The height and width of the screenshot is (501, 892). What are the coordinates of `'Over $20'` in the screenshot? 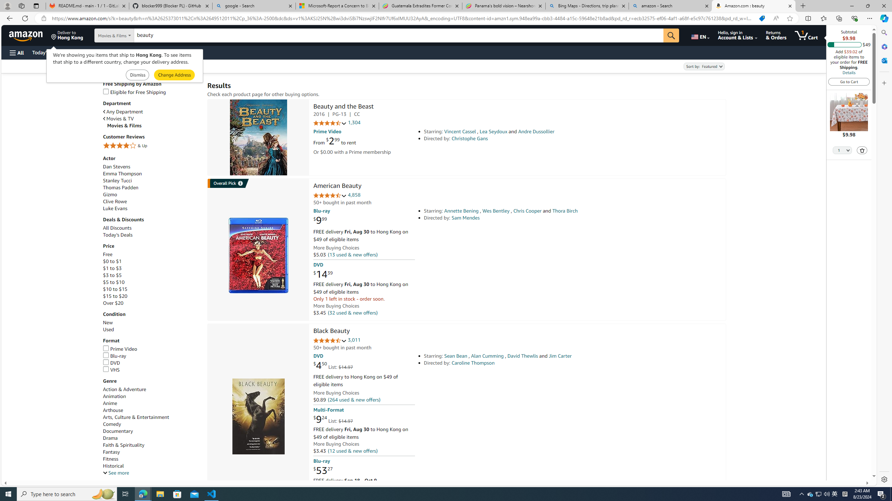 It's located at (152, 303).